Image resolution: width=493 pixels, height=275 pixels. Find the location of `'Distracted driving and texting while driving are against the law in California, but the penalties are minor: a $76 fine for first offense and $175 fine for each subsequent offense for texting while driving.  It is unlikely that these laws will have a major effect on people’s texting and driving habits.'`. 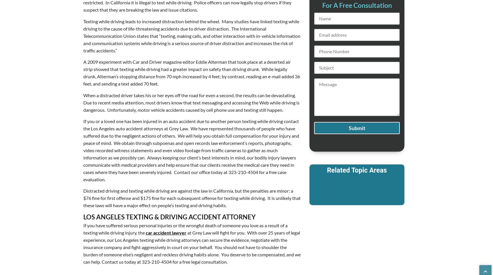

'Distracted driving and texting while driving are against the law in California, but the penalties are minor: a $76 fine for first offense and $175 fine for each subsequent offense for texting while driving.  It is unlikely that these laws will have a major effect on people’s texting and driving habits.' is located at coordinates (192, 198).